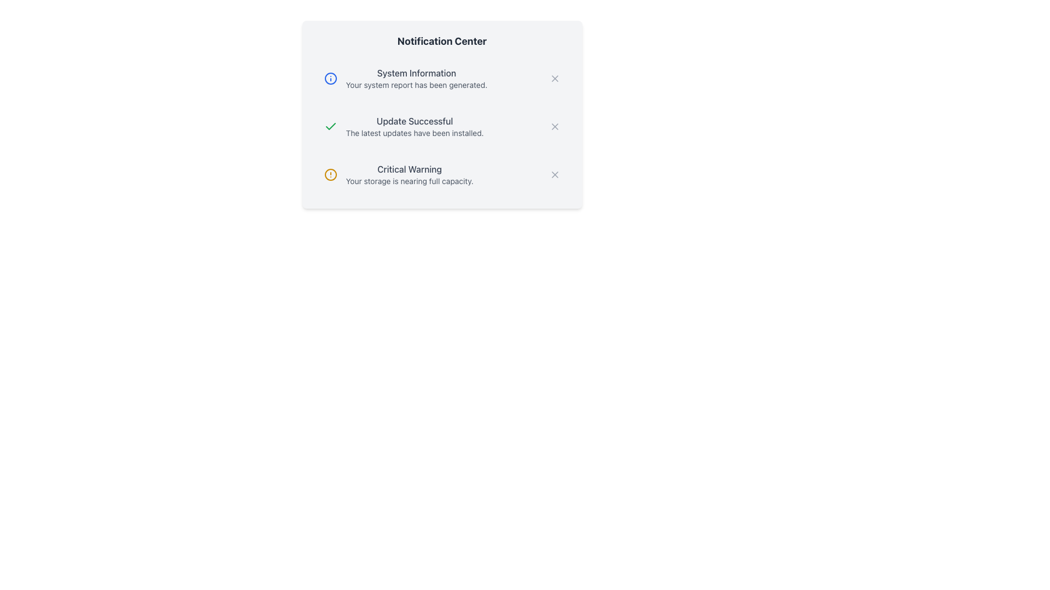 The width and height of the screenshot is (1050, 590). I want to click on the circular outline of the 'info' icon styled with a blue border, located in the top section of the notification center panel, left of the 'System Information' message text, so click(330, 78).